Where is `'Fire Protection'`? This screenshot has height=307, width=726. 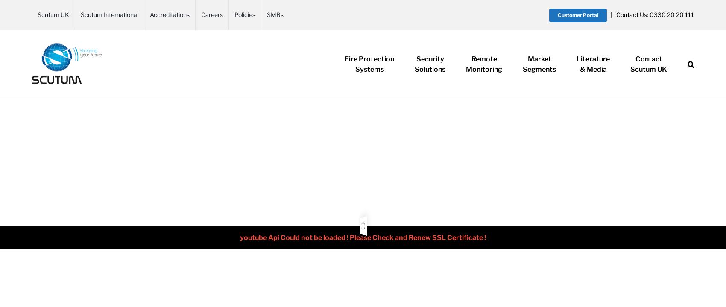
'Fire Protection' is located at coordinates (344, 58).